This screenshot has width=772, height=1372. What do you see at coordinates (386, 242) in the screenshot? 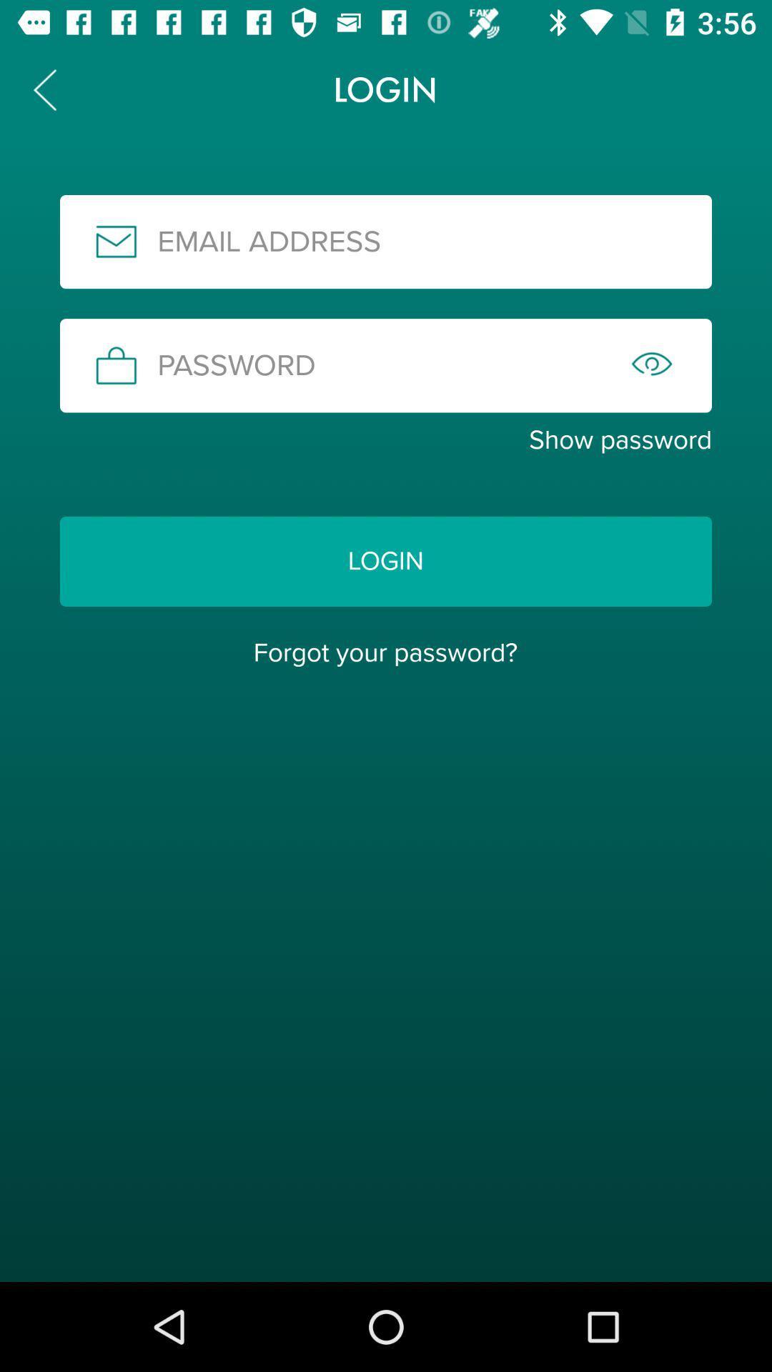
I see `email` at bounding box center [386, 242].